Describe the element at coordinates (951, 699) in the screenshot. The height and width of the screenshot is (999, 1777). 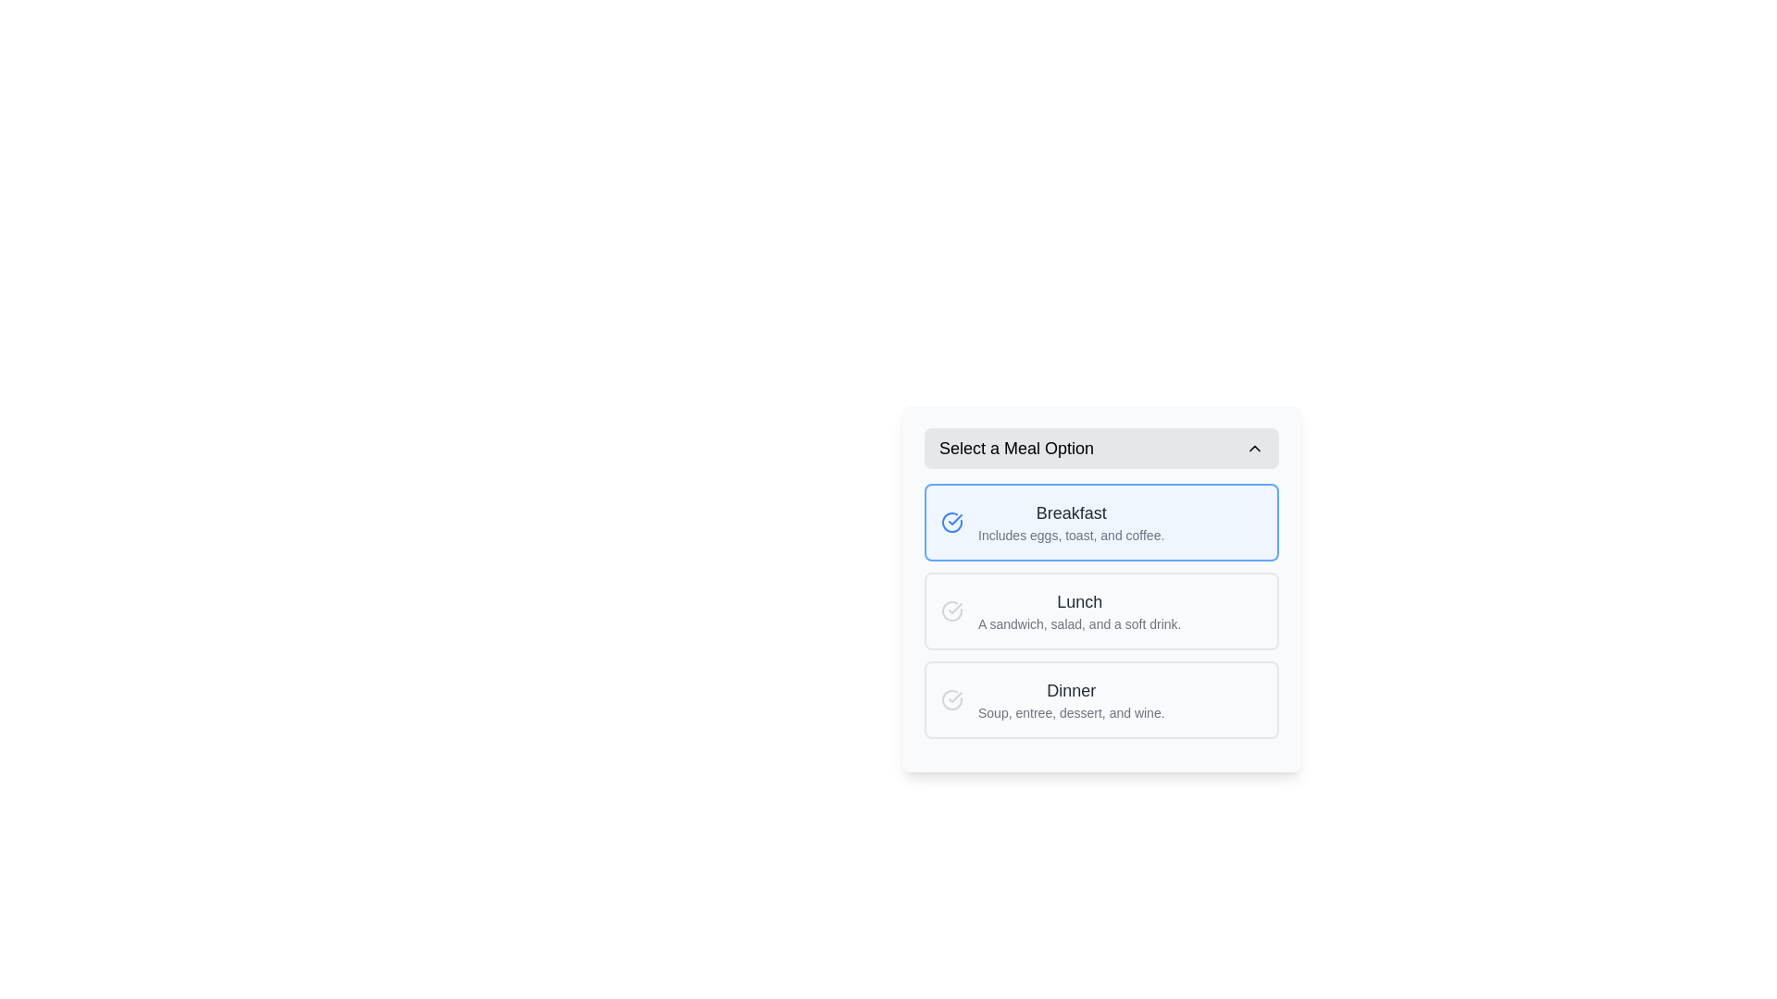
I see `the circular checkbox icon with a checkmark inside, located at the far left of the 'Dinner' option row in the meal selection interface` at that location.